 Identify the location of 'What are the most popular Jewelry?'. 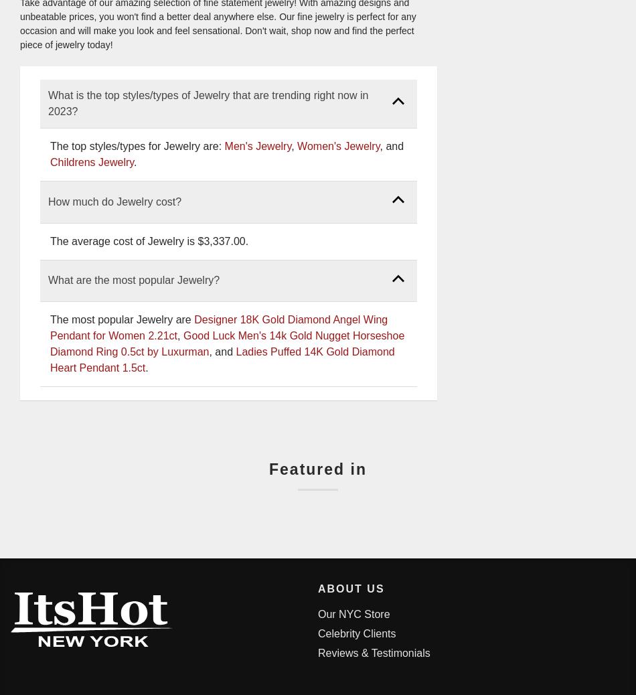
(133, 280).